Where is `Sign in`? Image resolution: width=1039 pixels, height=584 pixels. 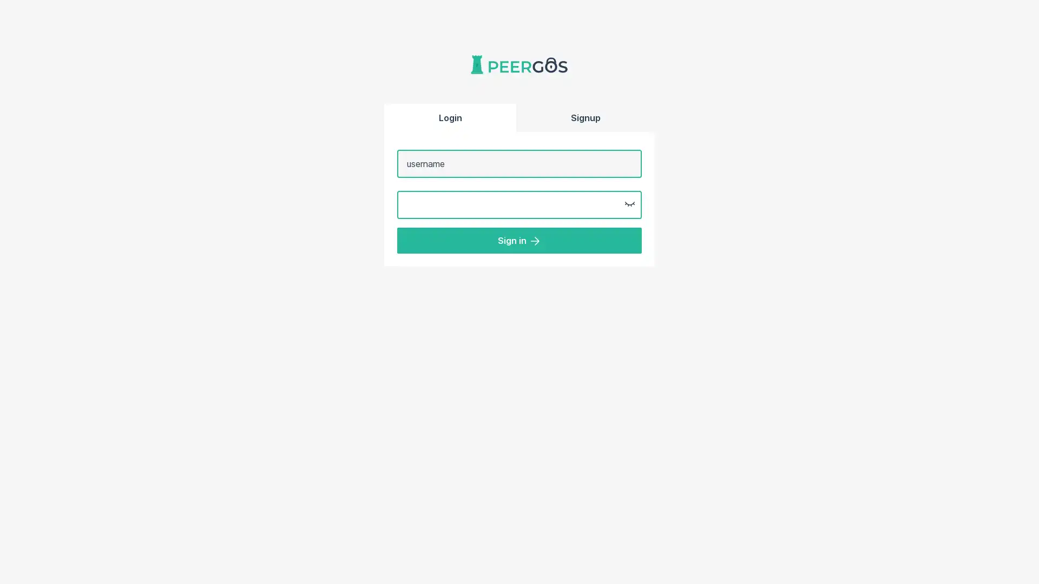
Sign in is located at coordinates (519, 239).